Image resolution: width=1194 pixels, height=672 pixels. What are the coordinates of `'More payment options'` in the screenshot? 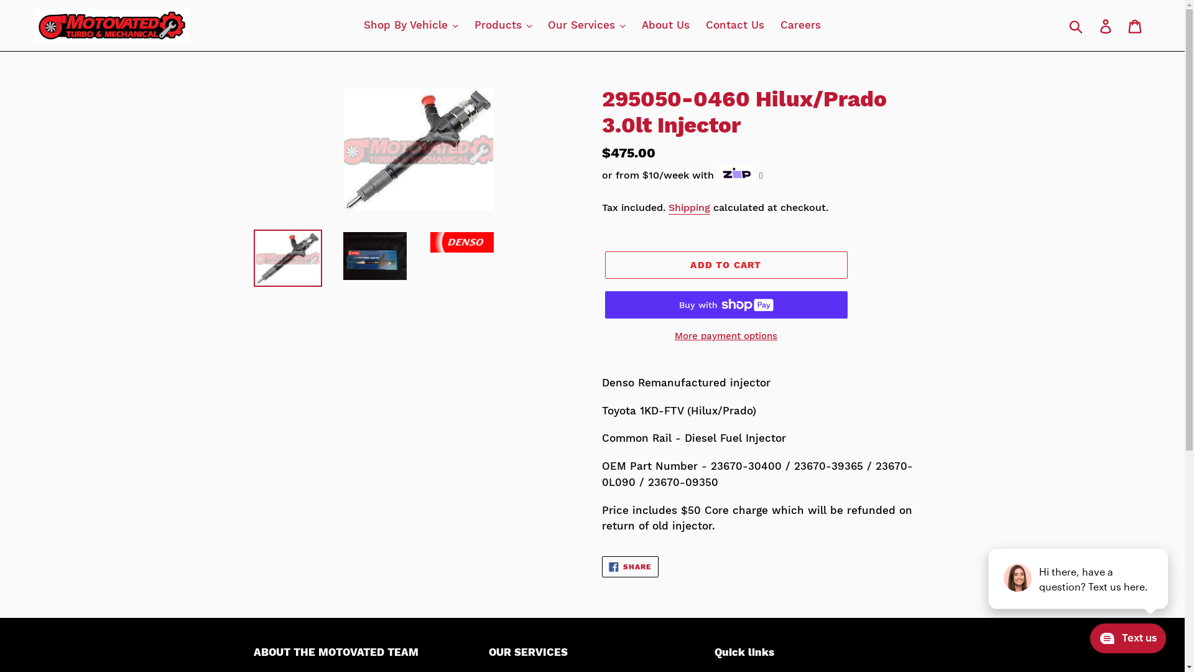 It's located at (725, 336).